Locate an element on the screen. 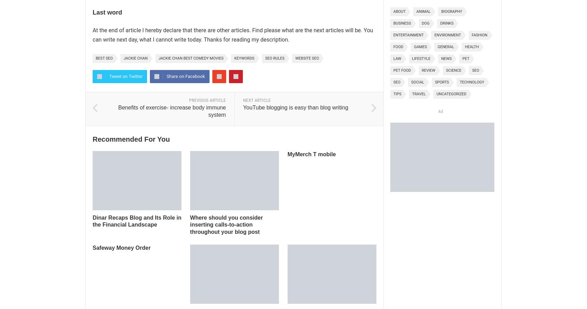 The height and width of the screenshot is (309, 587). 'keywords' is located at coordinates (234, 58).